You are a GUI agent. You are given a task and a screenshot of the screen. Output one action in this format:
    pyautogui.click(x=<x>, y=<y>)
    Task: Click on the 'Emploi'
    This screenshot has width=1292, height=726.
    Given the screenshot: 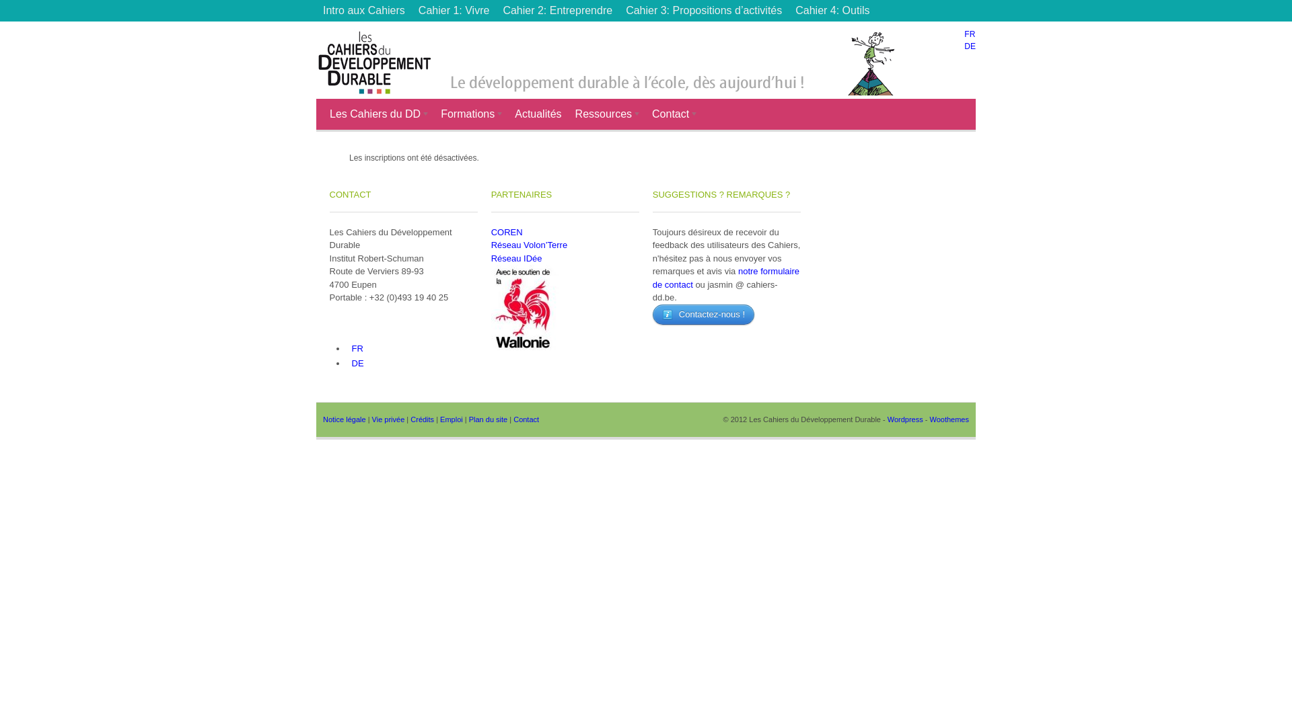 What is the action you would take?
    pyautogui.click(x=452, y=419)
    